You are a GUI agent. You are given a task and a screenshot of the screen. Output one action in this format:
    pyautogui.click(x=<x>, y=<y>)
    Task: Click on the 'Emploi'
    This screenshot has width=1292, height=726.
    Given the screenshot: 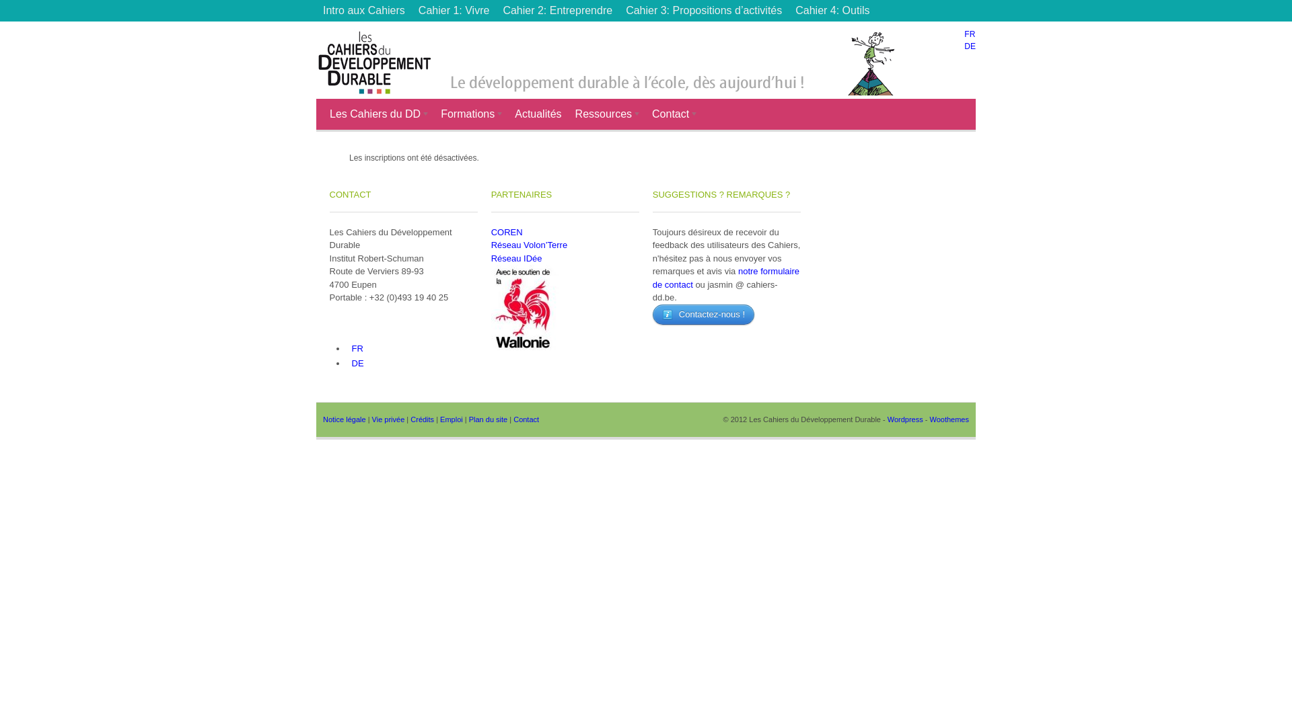 What is the action you would take?
    pyautogui.click(x=452, y=419)
    